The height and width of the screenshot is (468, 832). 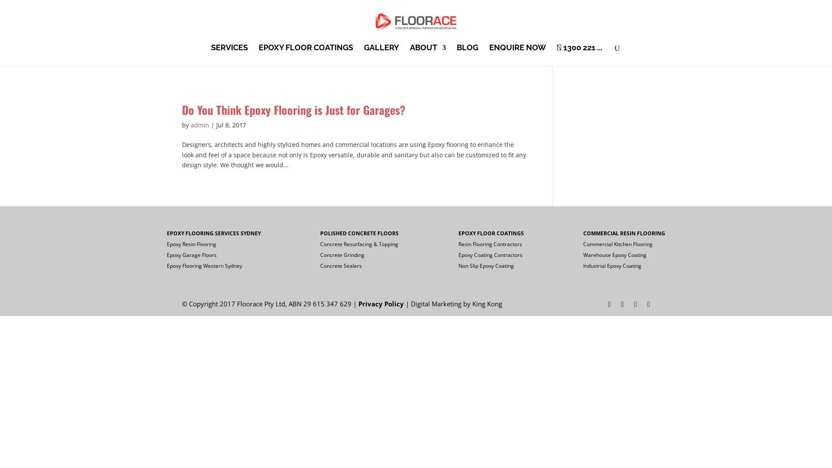 I want to click on 'Resin Flooring Contractors', so click(x=490, y=244).